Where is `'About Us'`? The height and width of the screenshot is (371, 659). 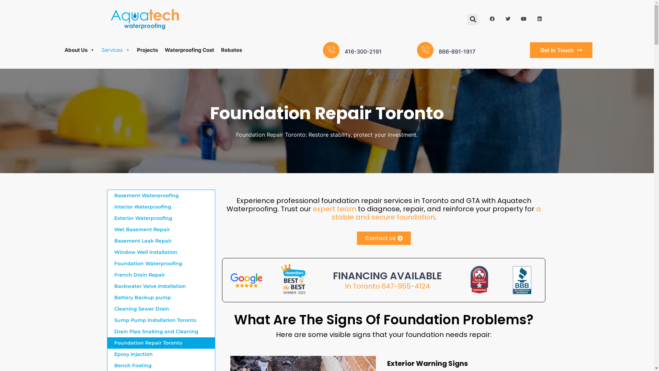
'About Us' is located at coordinates (61, 50).